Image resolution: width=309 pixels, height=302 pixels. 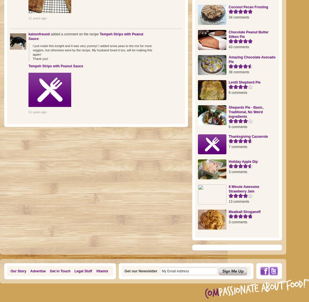 What do you see at coordinates (248, 34) in the screenshot?
I see `'Chocolate Peanut Butter Silken Pie'` at bounding box center [248, 34].